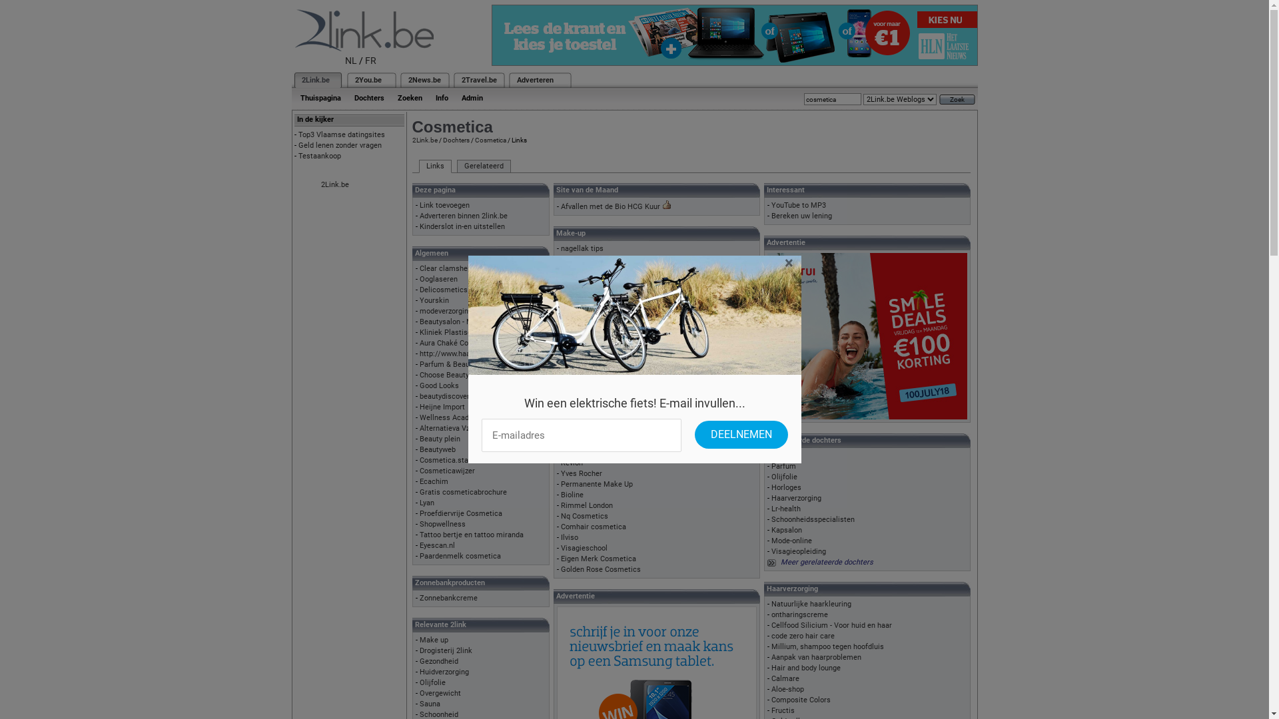  What do you see at coordinates (432, 682) in the screenshot?
I see `'Olijfolie'` at bounding box center [432, 682].